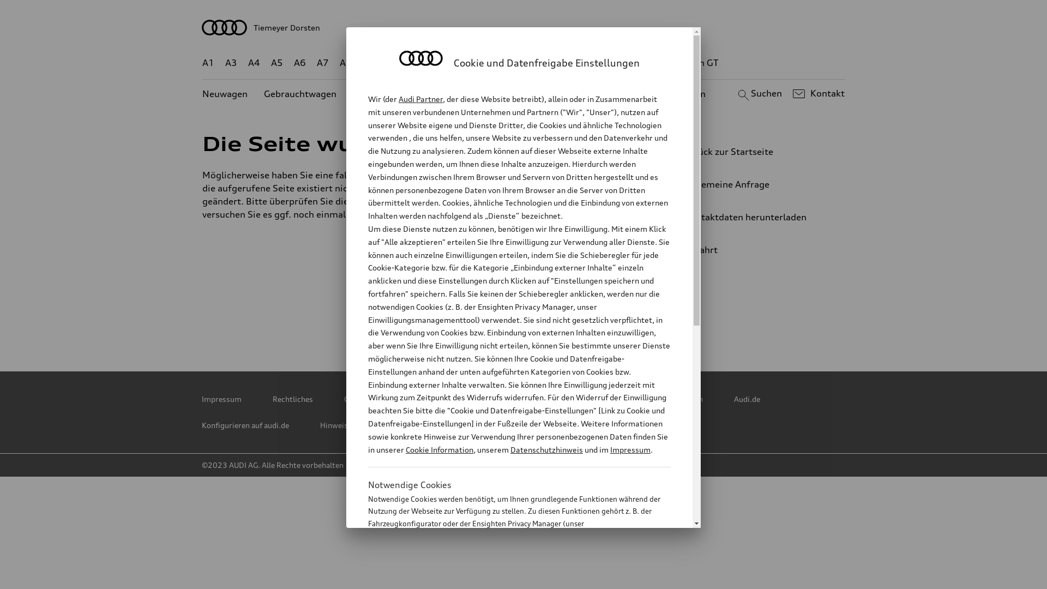 This screenshot has height=589, width=1047. Describe the element at coordinates (221, 399) in the screenshot. I see `'Impressum'` at that location.